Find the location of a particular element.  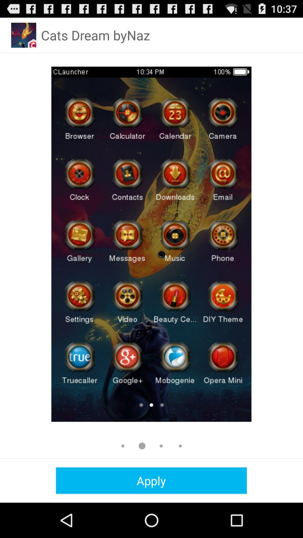

apply icon is located at coordinates (151, 480).